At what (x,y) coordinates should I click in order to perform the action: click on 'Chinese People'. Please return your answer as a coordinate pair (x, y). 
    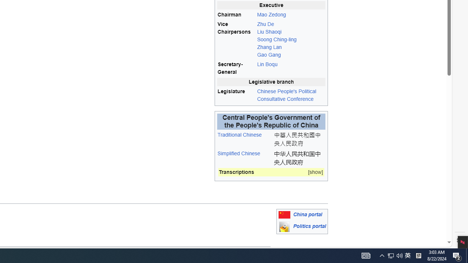
    Looking at the image, I should click on (286, 95).